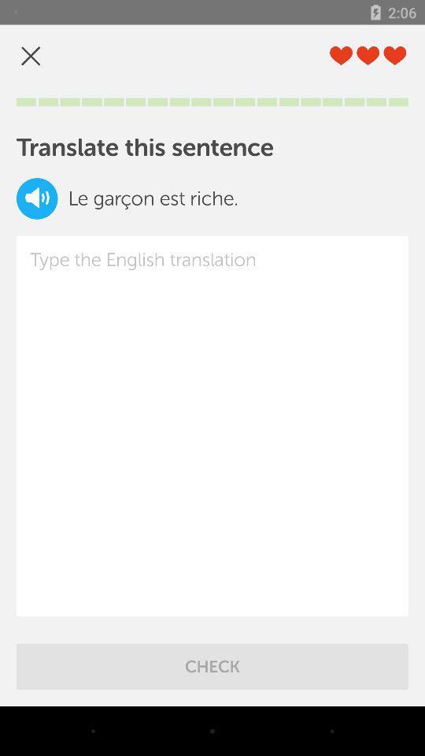 The width and height of the screenshot is (425, 756). What do you see at coordinates (31, 56) in the screenshot?
I see `the close icon` at bounding box center [31, 56].